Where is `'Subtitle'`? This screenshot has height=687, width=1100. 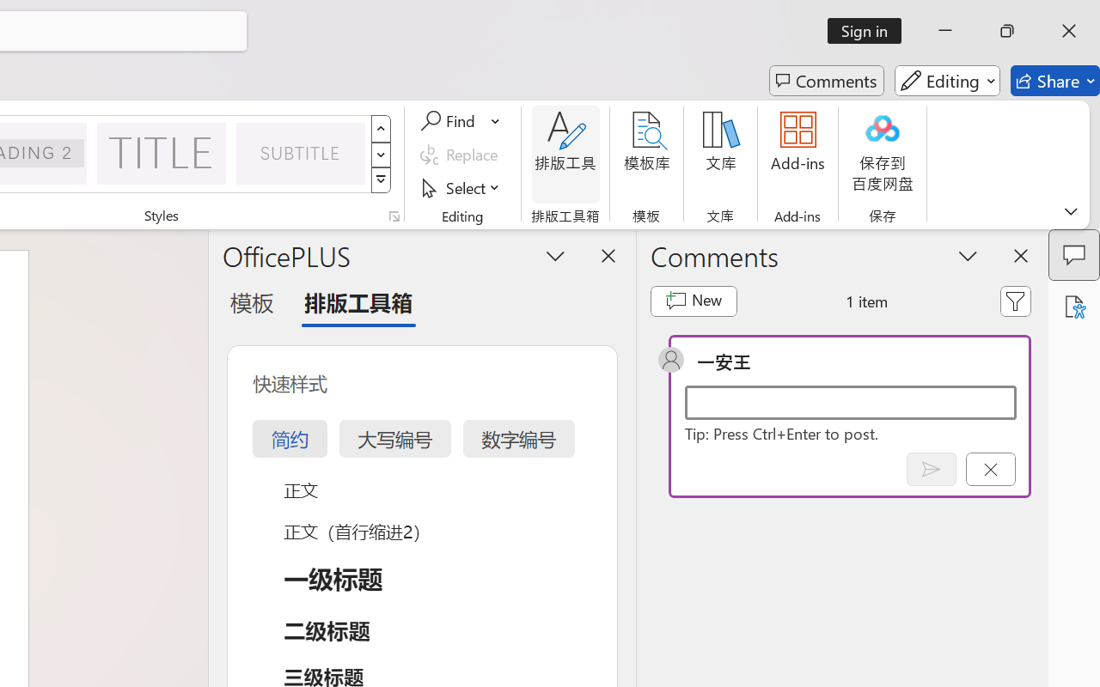
'Subtitle' is located at coordinates (301, 152).